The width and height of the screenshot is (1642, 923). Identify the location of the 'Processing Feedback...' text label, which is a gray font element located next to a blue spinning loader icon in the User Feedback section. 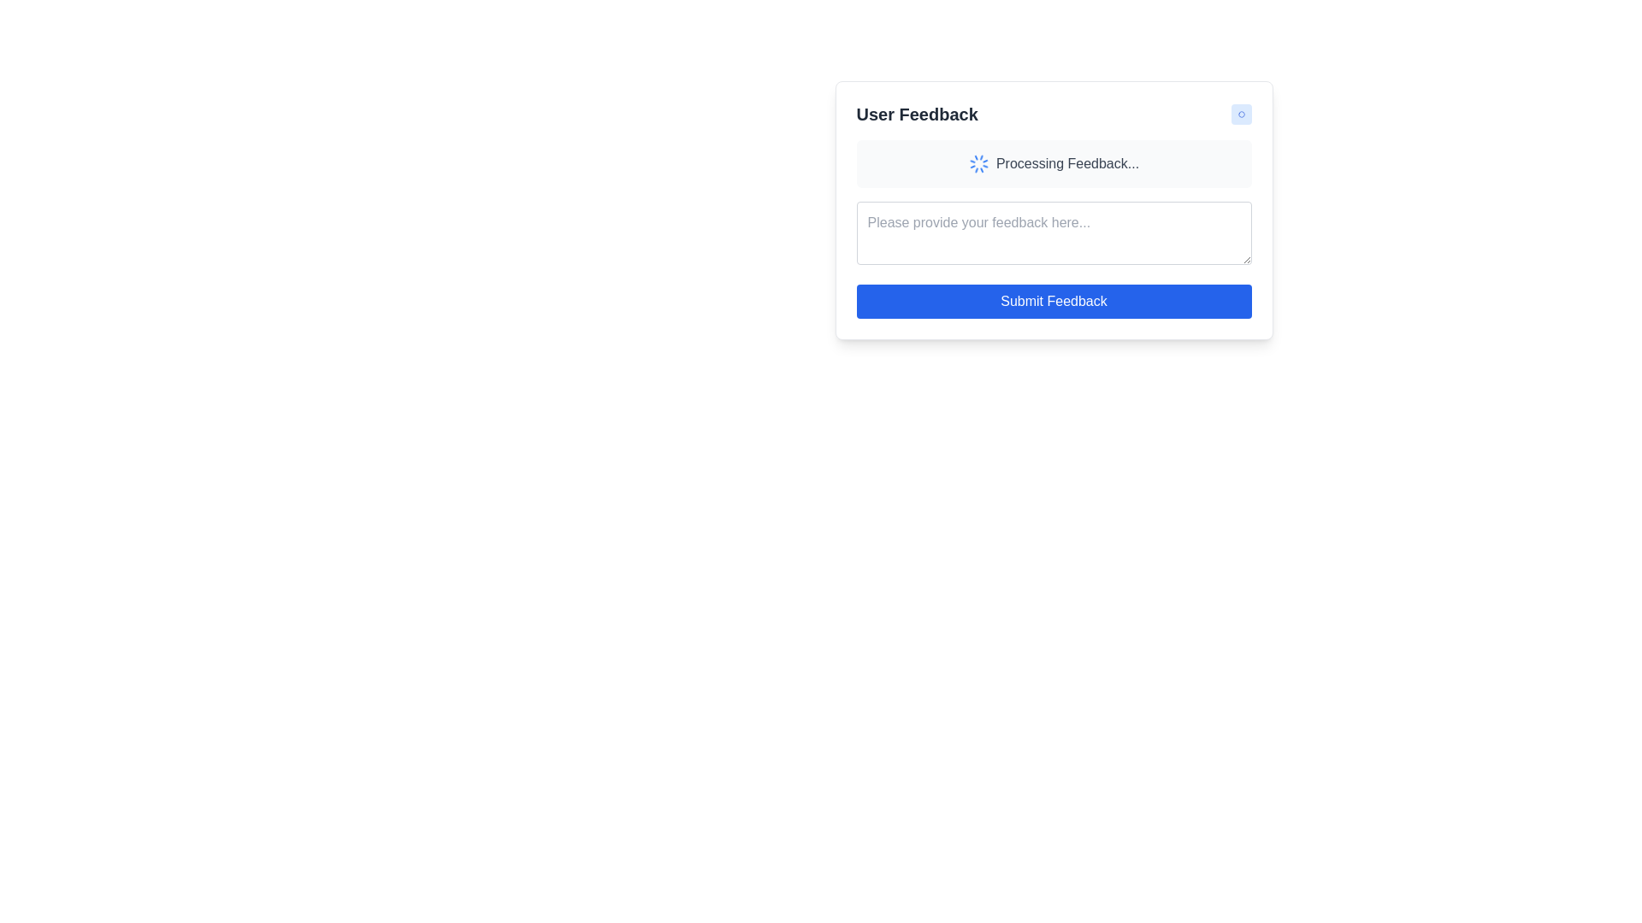
(1066, 164).